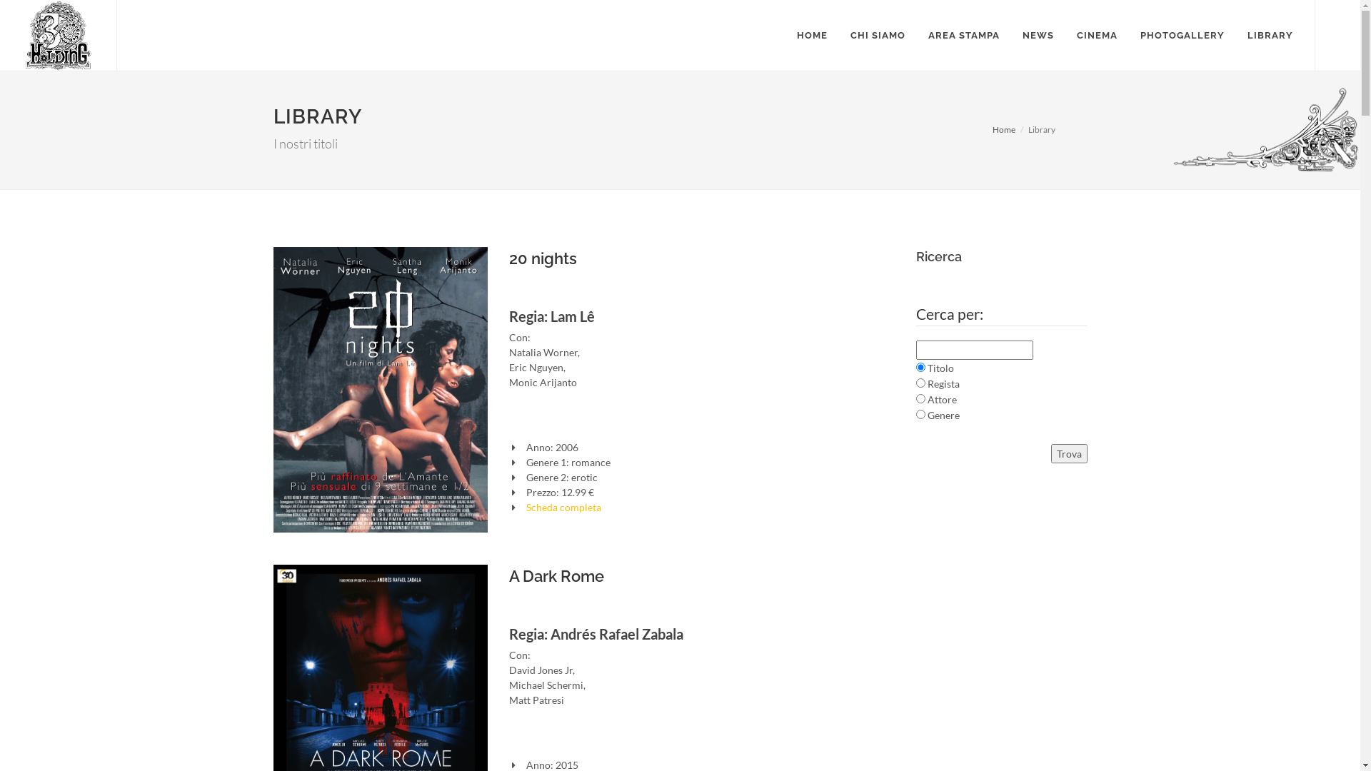 The image size is (1371, 771). Describe the element at coordinates (785, 35) in the screenshot. I see `'HOME'` at that location.